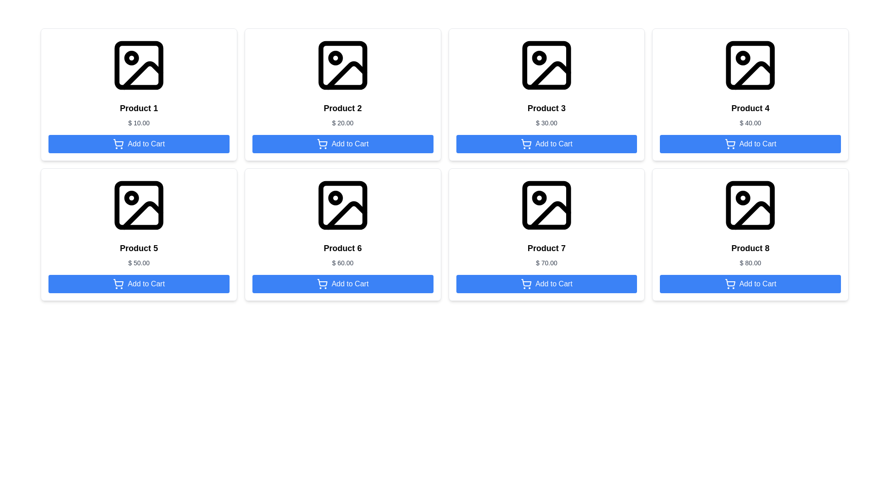  Describe the element at coordinates (729, 282) in the screenshot. I see `the shopping cart icon located at the leftmost part of the blue 'Add to Cart' button in the last card of the second row, associated with 'Product 8.'` at that location.